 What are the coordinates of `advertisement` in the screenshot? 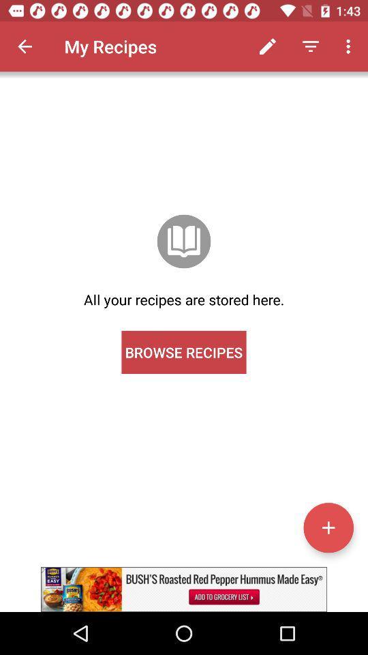 It's located at (184, 589).